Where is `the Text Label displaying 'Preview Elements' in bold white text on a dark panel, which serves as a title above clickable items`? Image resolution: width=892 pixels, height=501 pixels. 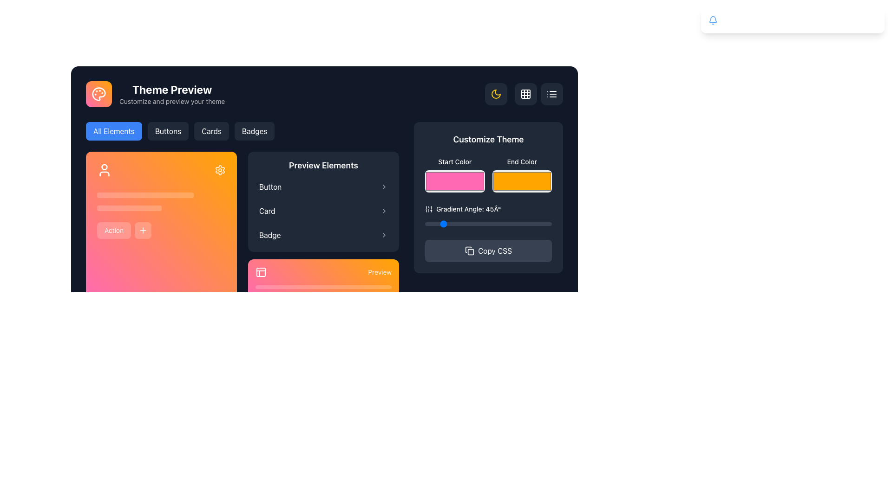 the Text Label displaying 'Preview Elements' in bold white text on a dark panel, which serves as a title above clickable items is located at coordinates (323, 165).